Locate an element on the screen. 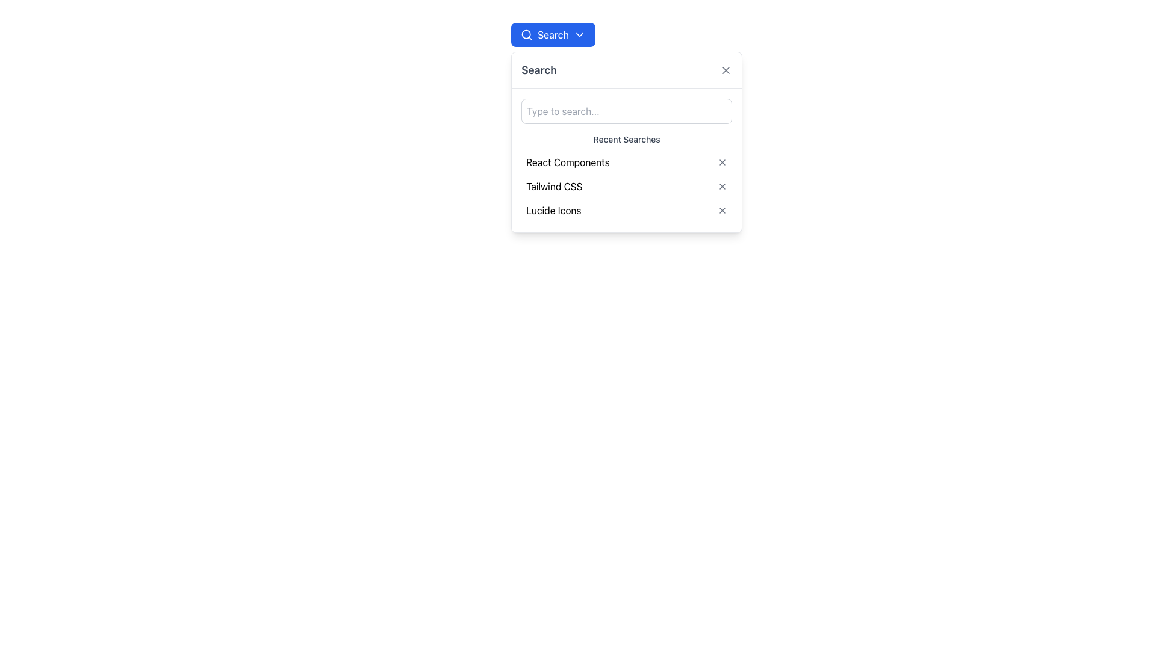 The width and height of the screenshot is (1156, 650). the 'X' icon button located next to 'Tailwind CSS' in the Recent Searches section is located at coordinates (722, 186).